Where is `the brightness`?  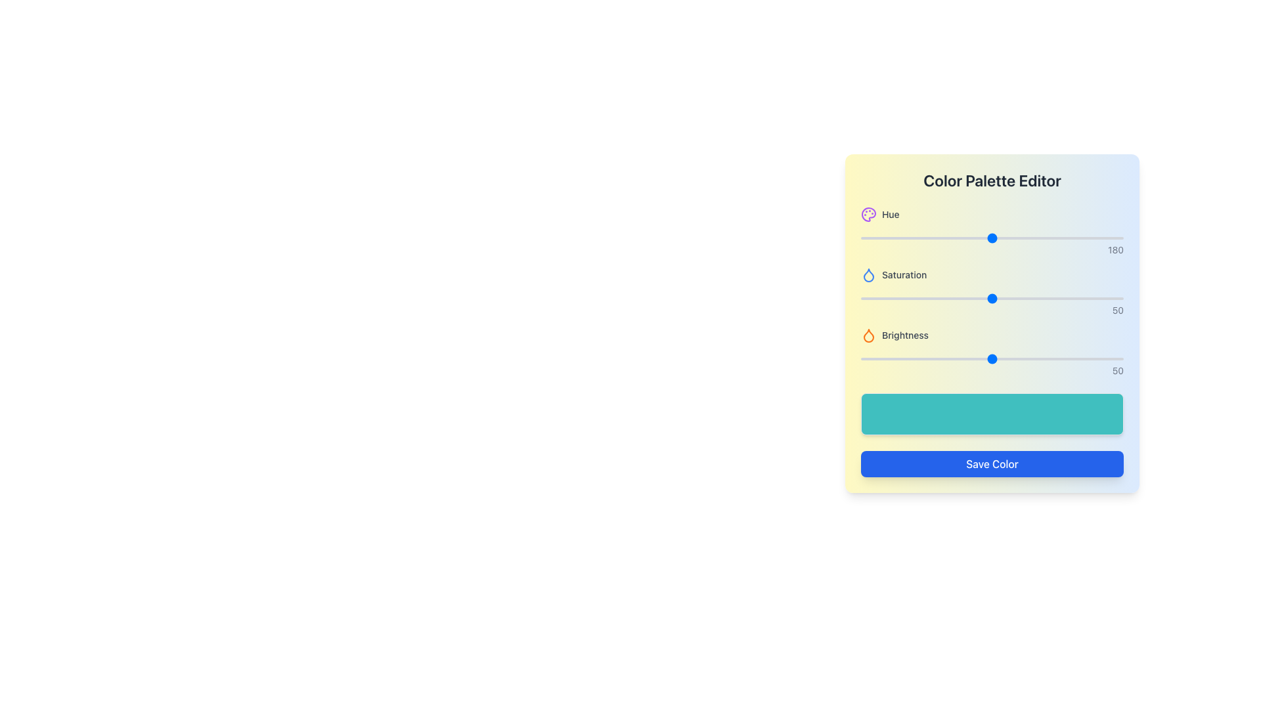 the brightness is located at coordinates (1042, 359).